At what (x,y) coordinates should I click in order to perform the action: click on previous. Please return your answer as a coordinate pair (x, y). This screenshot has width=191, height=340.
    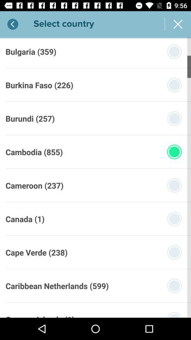
    Looking at the image, I should click on (13, 24).